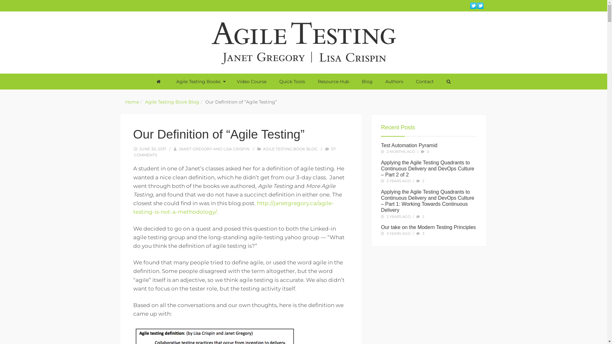 The width and height of the screenshot is (612, 344). What do you see at coordinates (423, 181) in the screenshot?
I see `'2'` at bounding box center [423, 181].